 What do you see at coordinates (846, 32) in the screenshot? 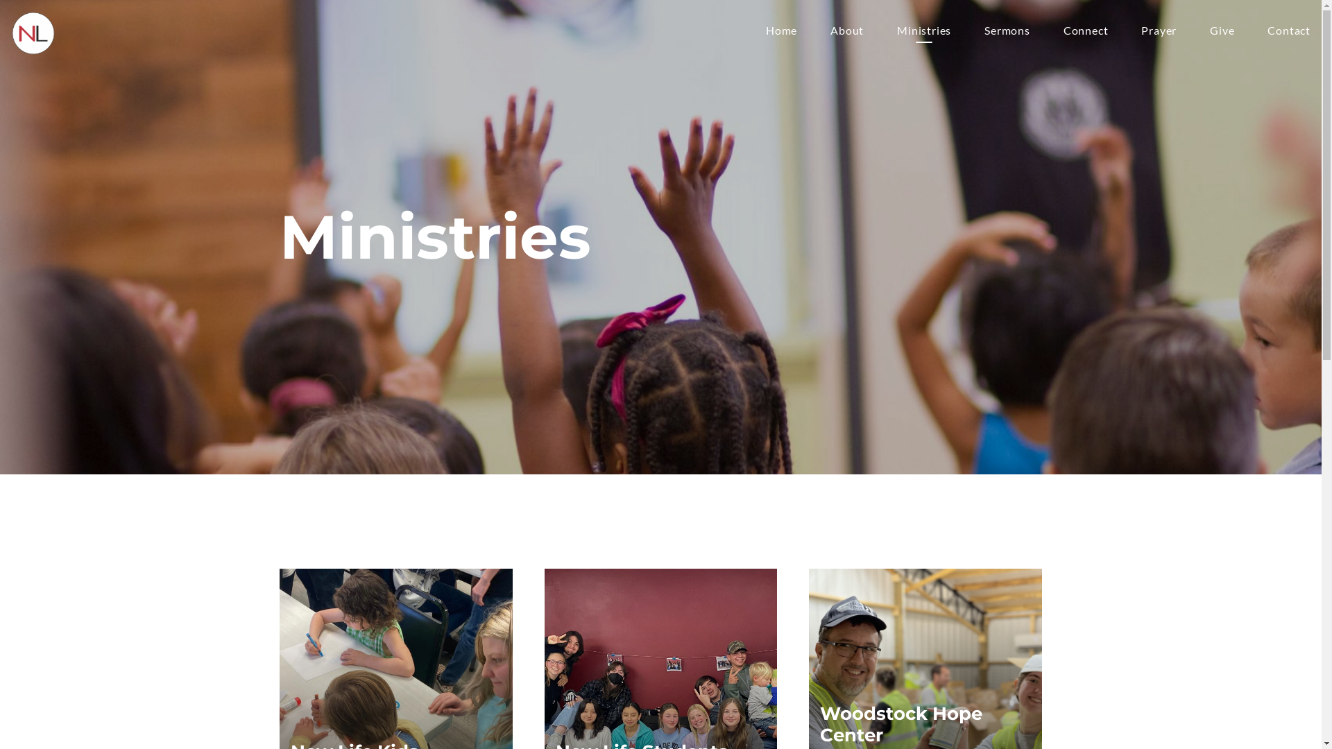
I see `'About'` at bounding box center [846, 32].